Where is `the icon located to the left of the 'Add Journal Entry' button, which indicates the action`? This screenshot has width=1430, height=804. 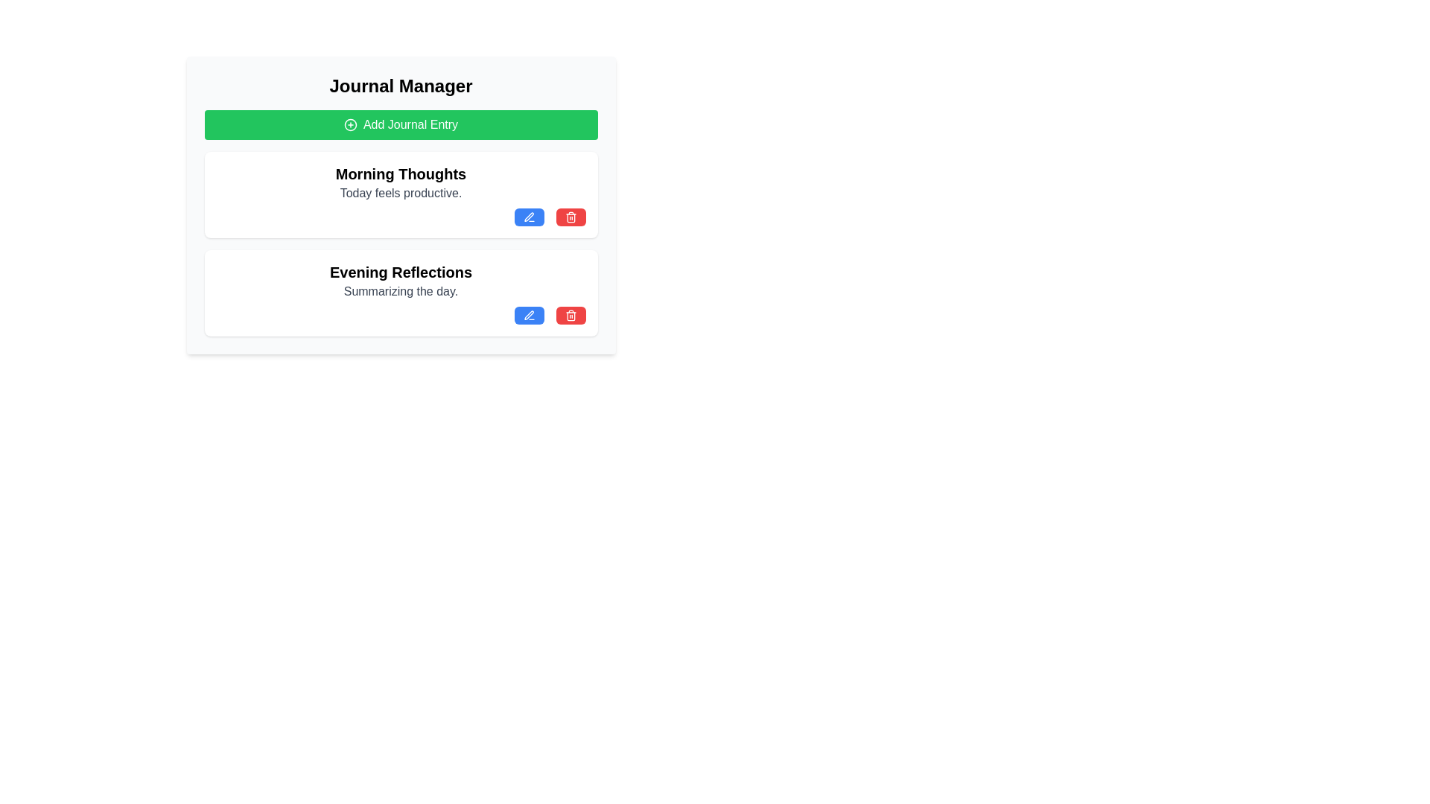
the icon located to the left of the 'Add Journal Entry' button, which indicates the action is located at coordinates (349, 124).